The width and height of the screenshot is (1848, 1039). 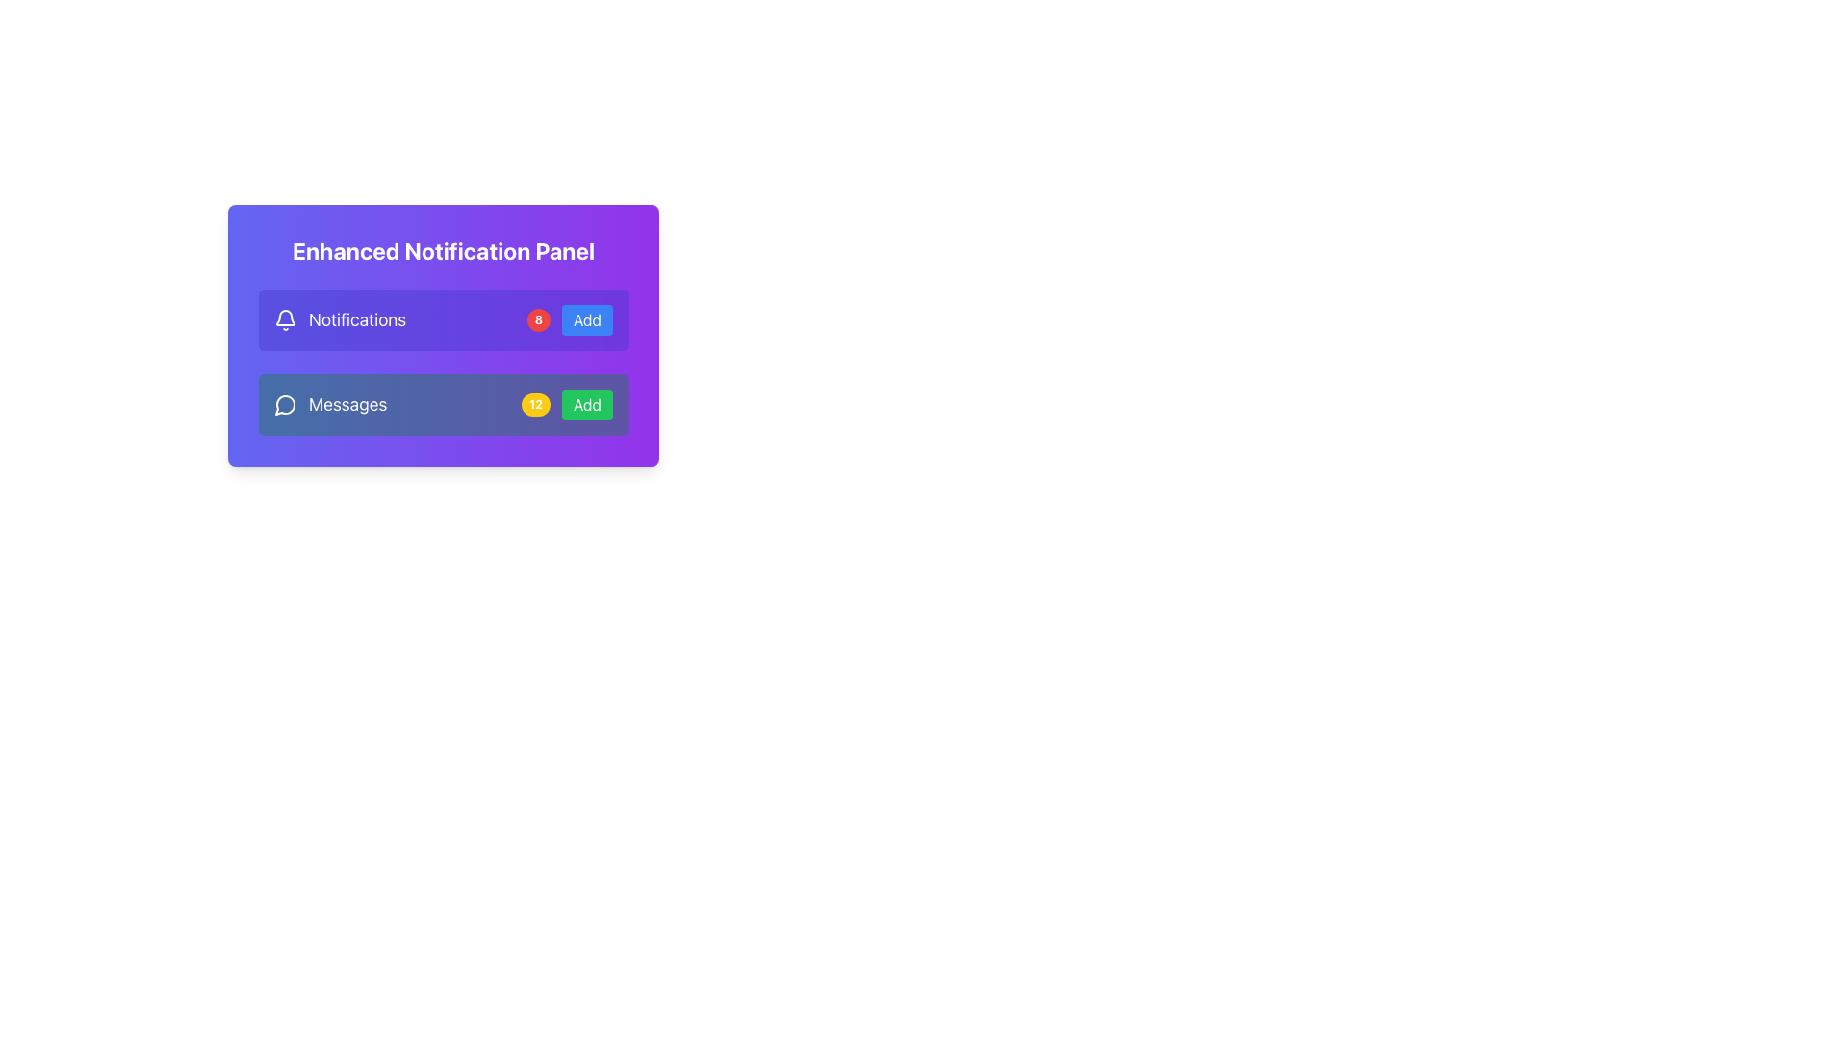 What do you see at coordinates (340, 318) in the screenshot?
I see `the 'Notifications' text label, which is white, italicized, and located on a purple background in the notification panel` at bounding box center [340, 318].